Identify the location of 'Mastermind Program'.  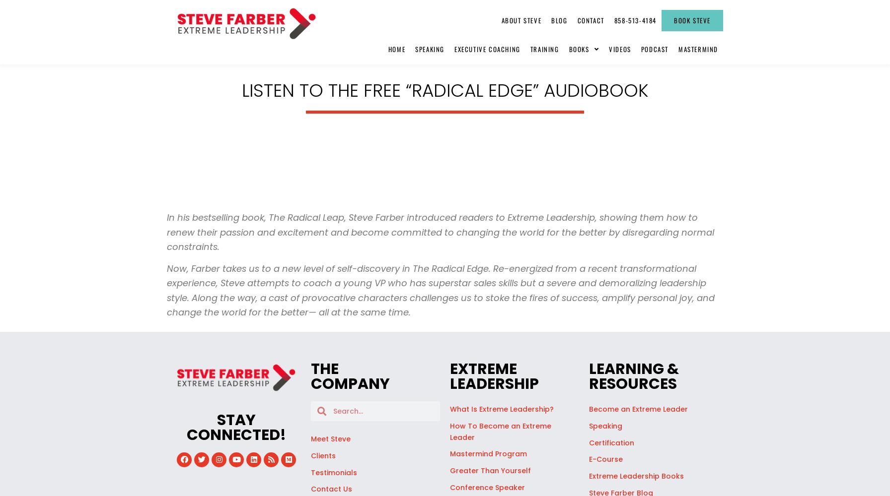
(488, 454).